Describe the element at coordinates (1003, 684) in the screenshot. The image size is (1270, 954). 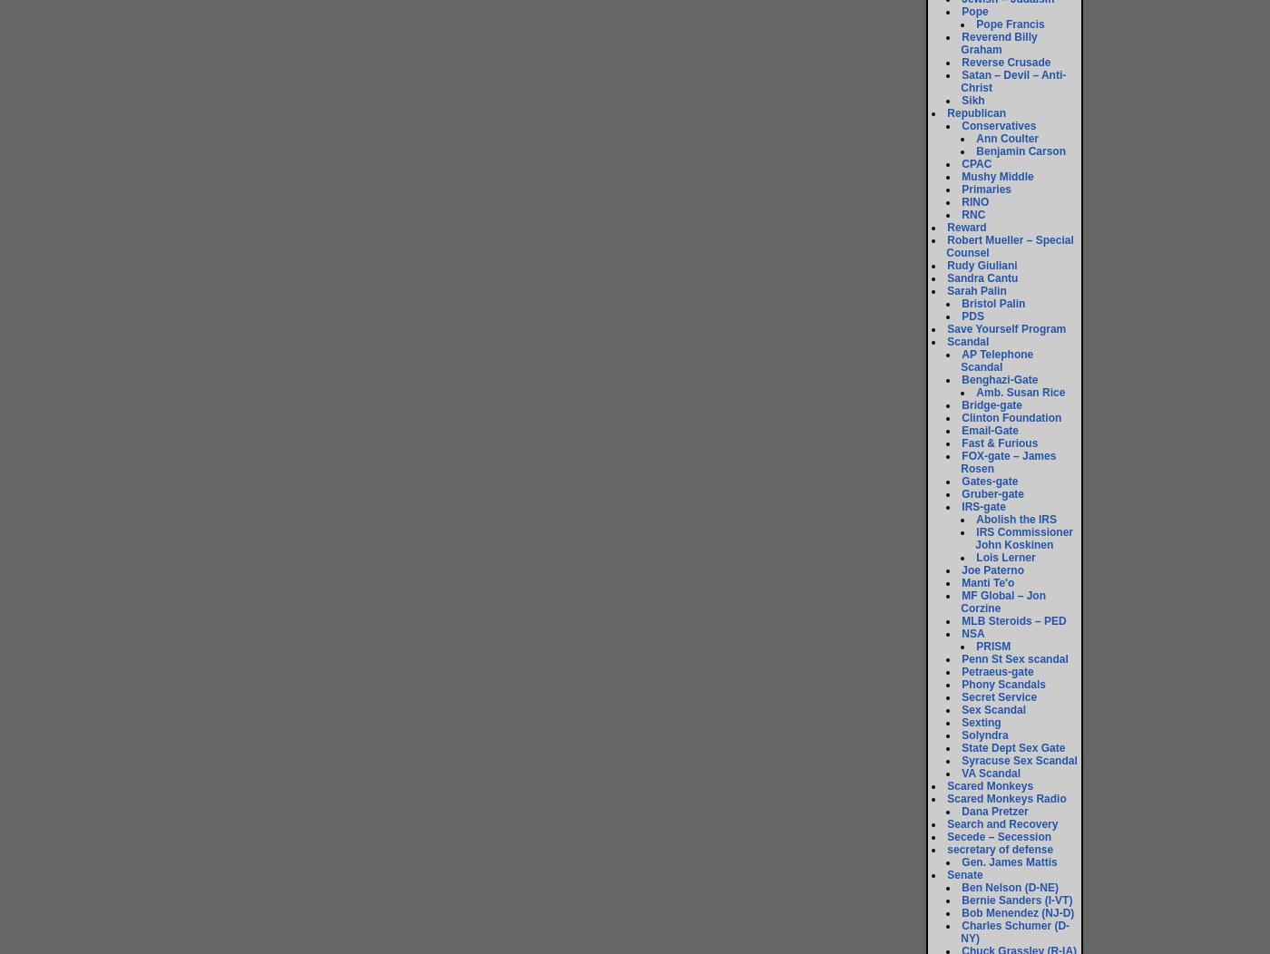
I see `'Phony Scandals'` at that location.